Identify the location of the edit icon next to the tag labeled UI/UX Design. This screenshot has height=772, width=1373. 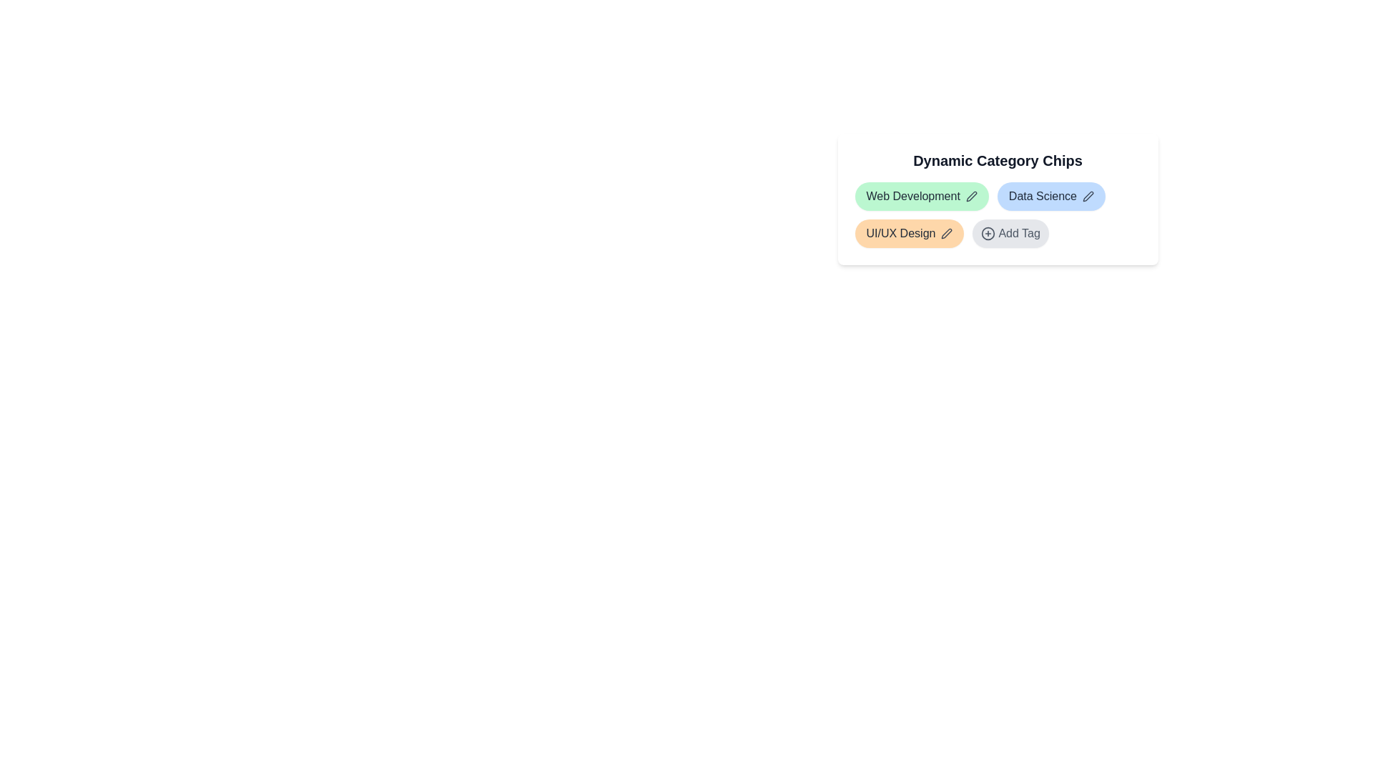
(947, 233).